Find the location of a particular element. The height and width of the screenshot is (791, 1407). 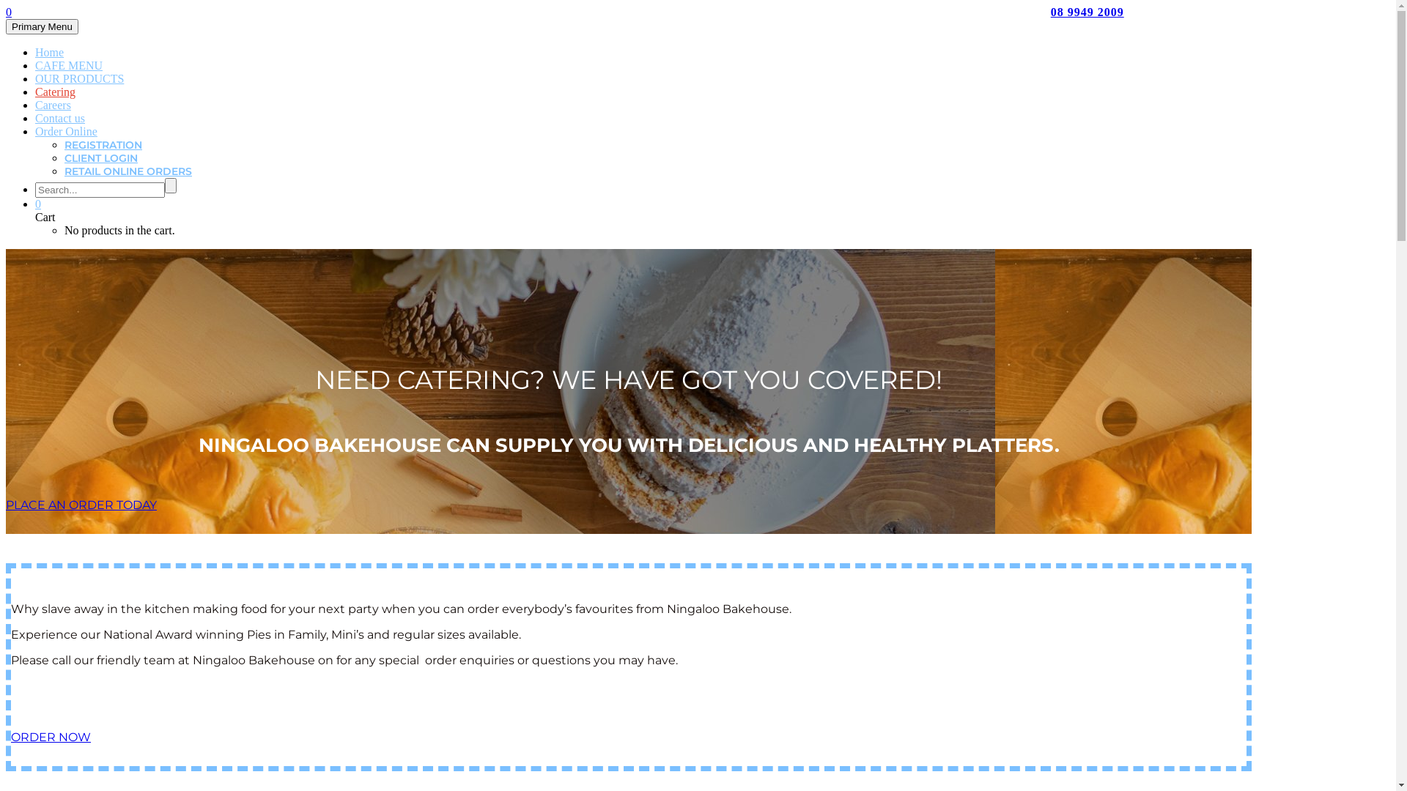

'0' is located at coordinates (9, 12).